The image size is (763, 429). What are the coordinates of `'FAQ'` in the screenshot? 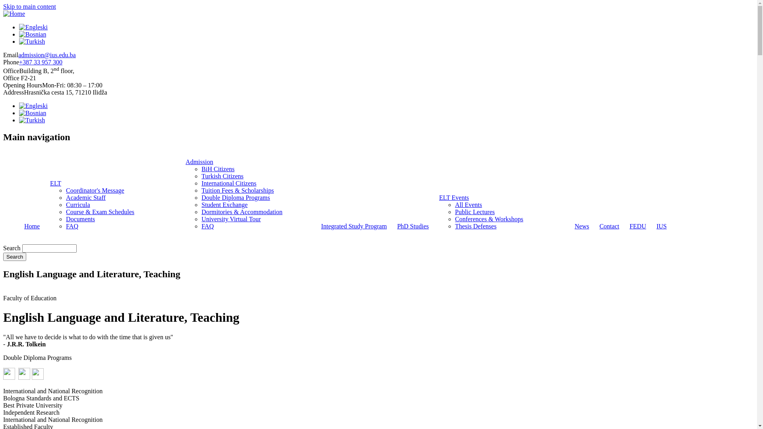 It's located at (72, 226).